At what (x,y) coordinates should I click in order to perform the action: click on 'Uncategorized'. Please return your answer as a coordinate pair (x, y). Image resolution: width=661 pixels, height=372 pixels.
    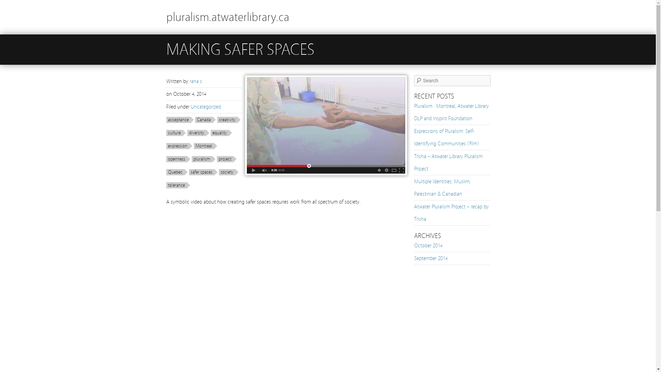
    Looking at the image, I should click on (206, 106).